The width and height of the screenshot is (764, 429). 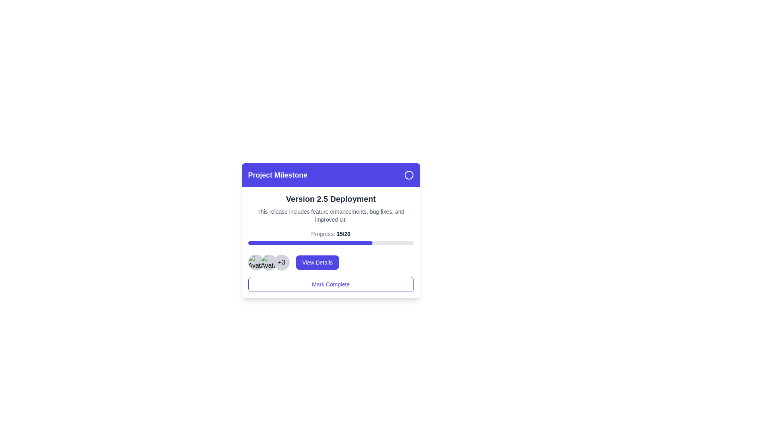 I want to click on the Decorative icon located at the top-right corner of the 'Project Milestone' card header, which serves as a non-interactive decorative component, so click(x=409, y=174).